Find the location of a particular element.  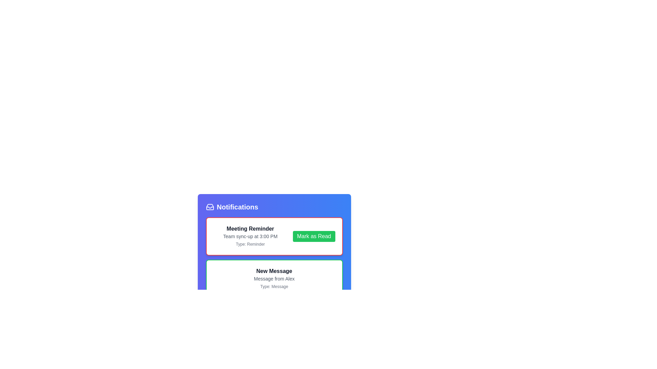

the text label that displays 'Type: Message', which is located beneath the 'Message from Alex' text in light gray font is located at coordinates (274, 287).